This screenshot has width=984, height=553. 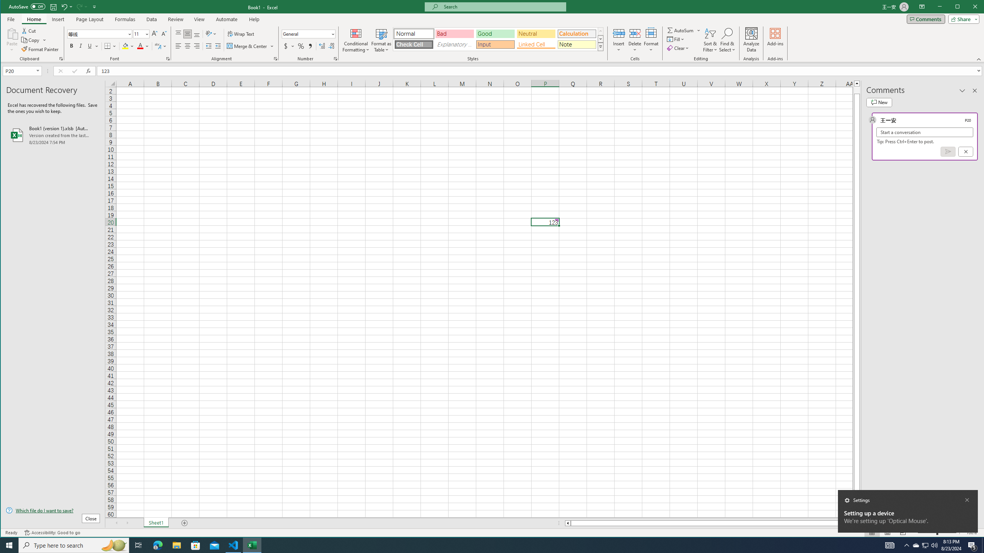 I want to click on 'Column left', so click(x=567, y=523).